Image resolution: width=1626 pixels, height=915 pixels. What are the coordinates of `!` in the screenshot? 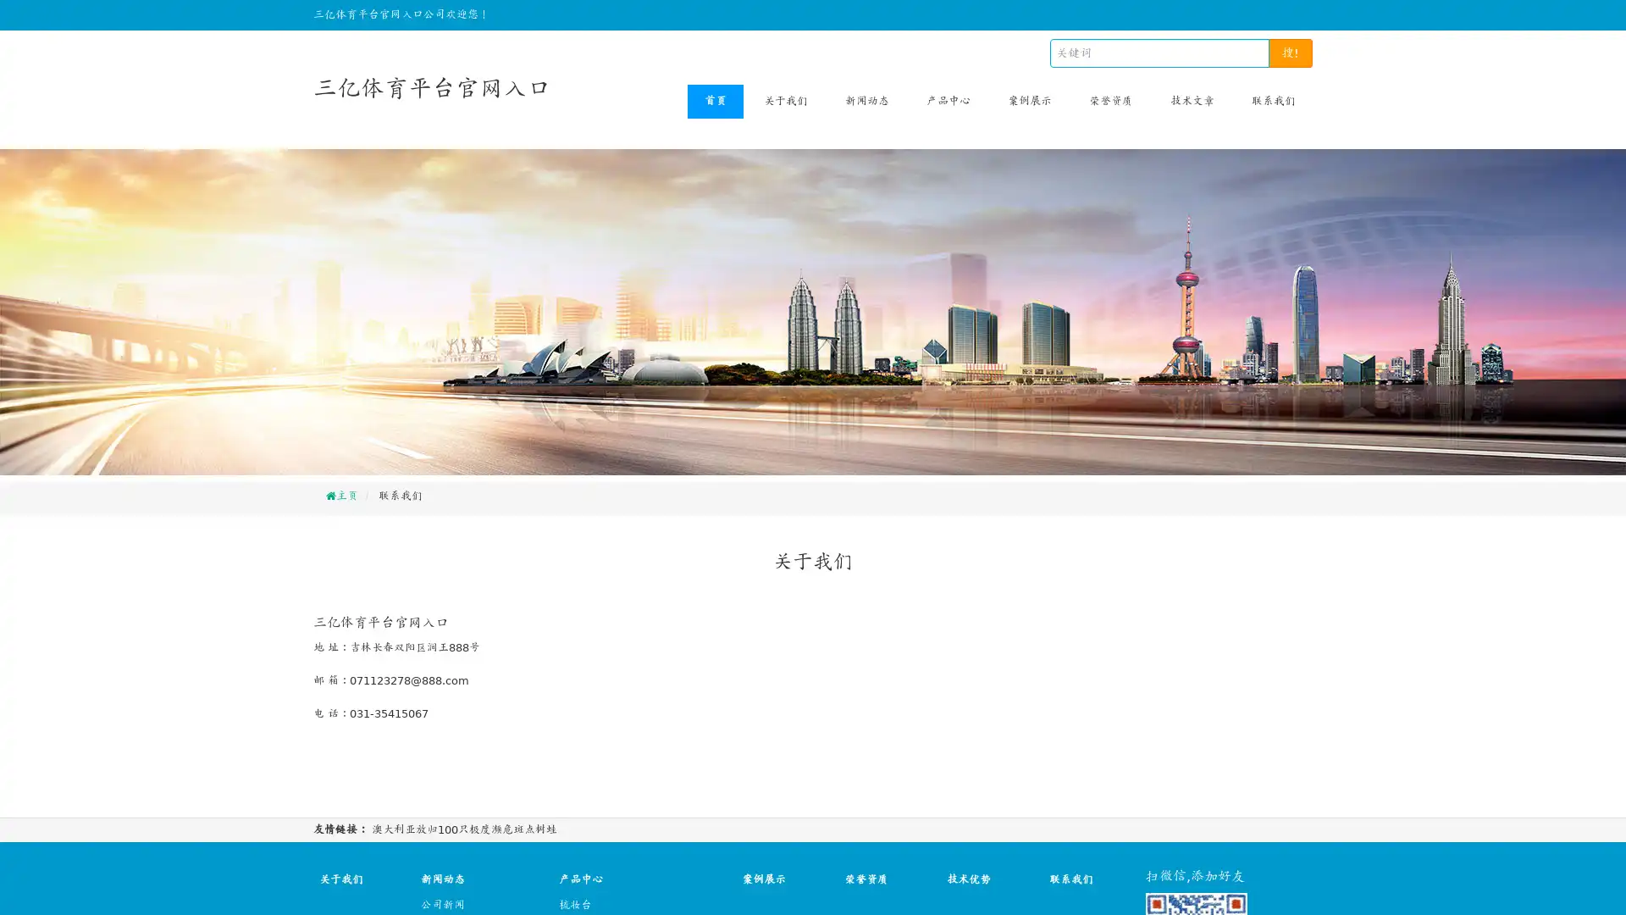 It's located at (1290, 52).